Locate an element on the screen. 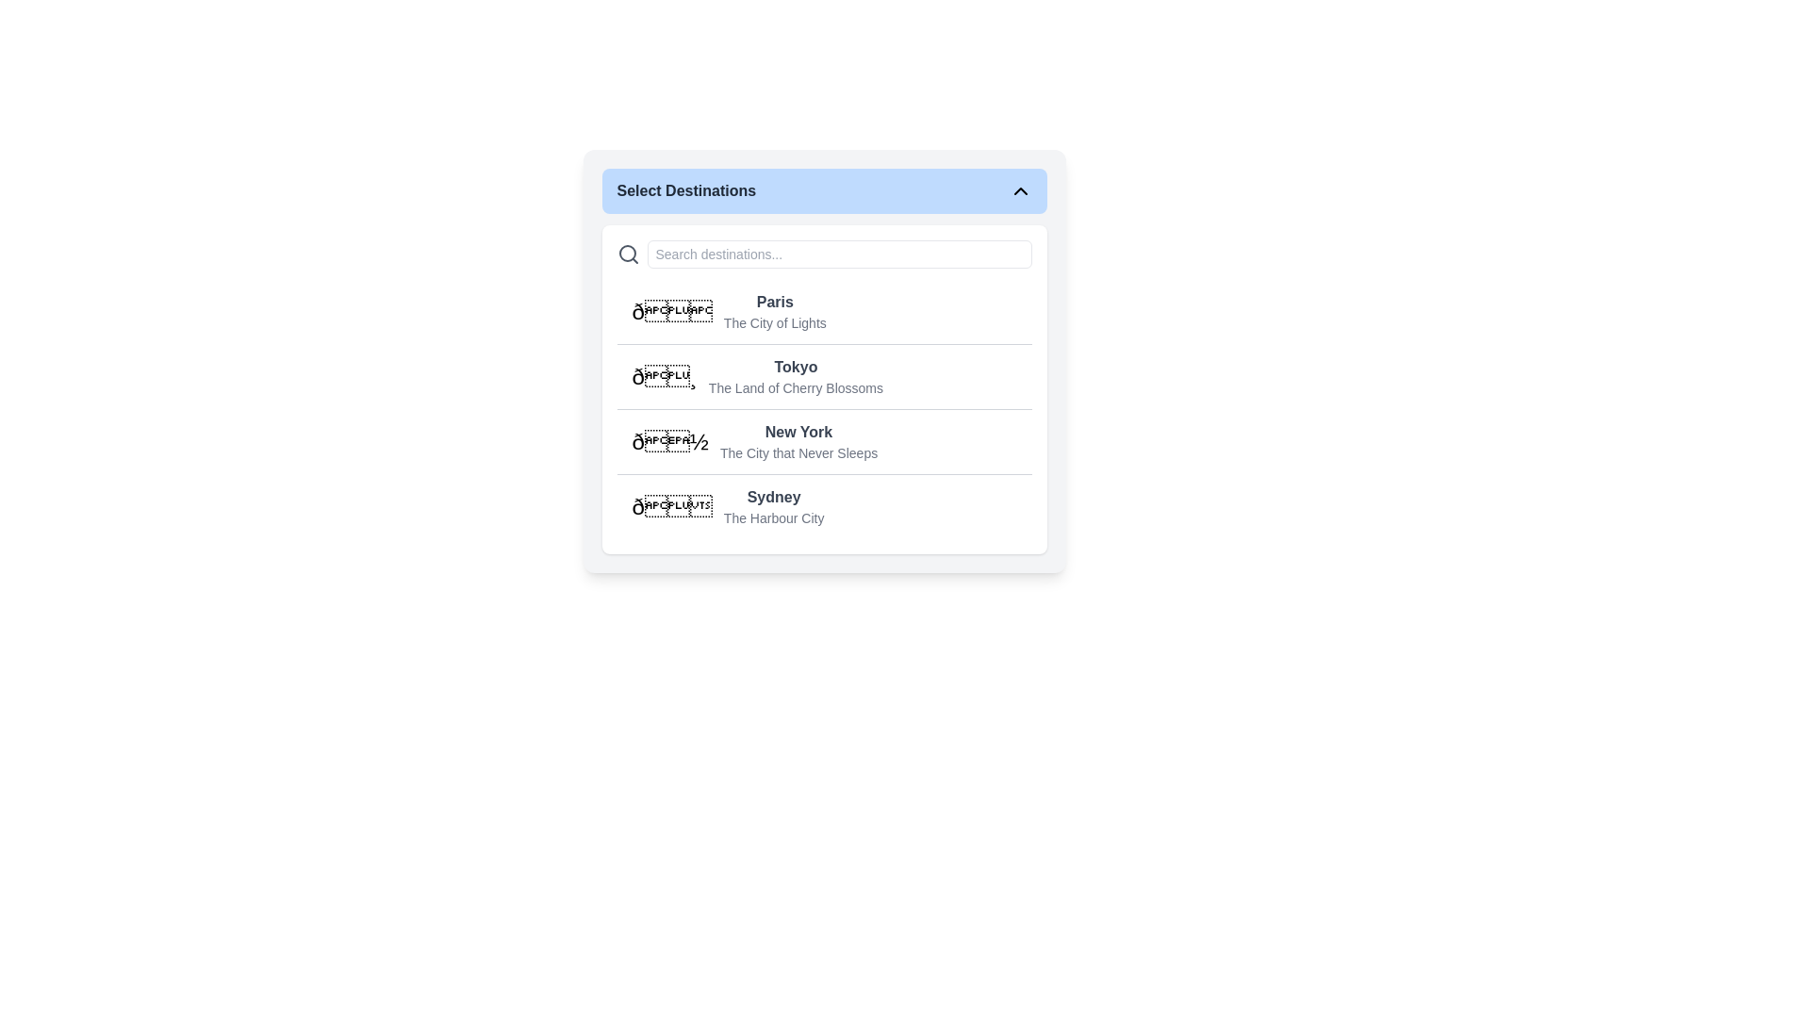 This screenshot has height=1018, width=1810. the star icon at the beginning of the row representing 'Paris', which is styled in a bold and large size with a 2xl font class is located at coordinates (672, 311).